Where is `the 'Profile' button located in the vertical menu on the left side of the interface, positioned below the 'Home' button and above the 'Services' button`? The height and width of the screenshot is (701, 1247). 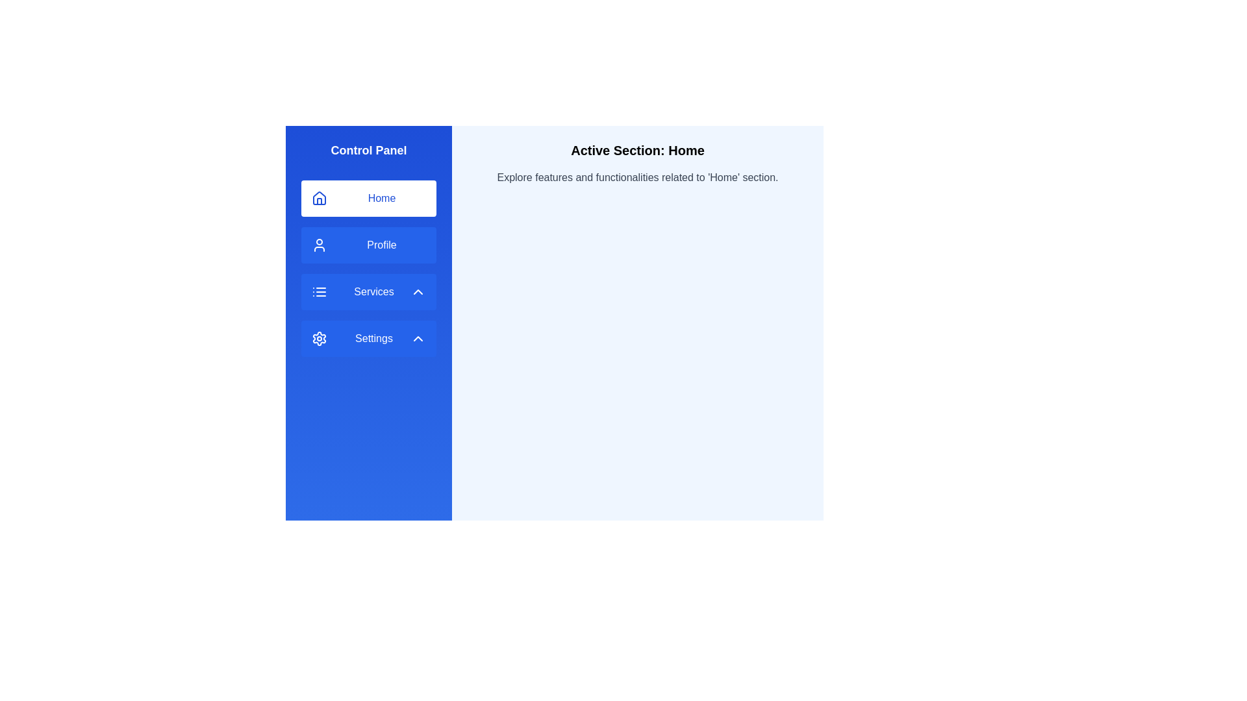 the 'Profile' button located in the vertical menu on the left side of the interface, positioned below the 'Home' button and above the 'Services' button is located at coordinates (368, 245).